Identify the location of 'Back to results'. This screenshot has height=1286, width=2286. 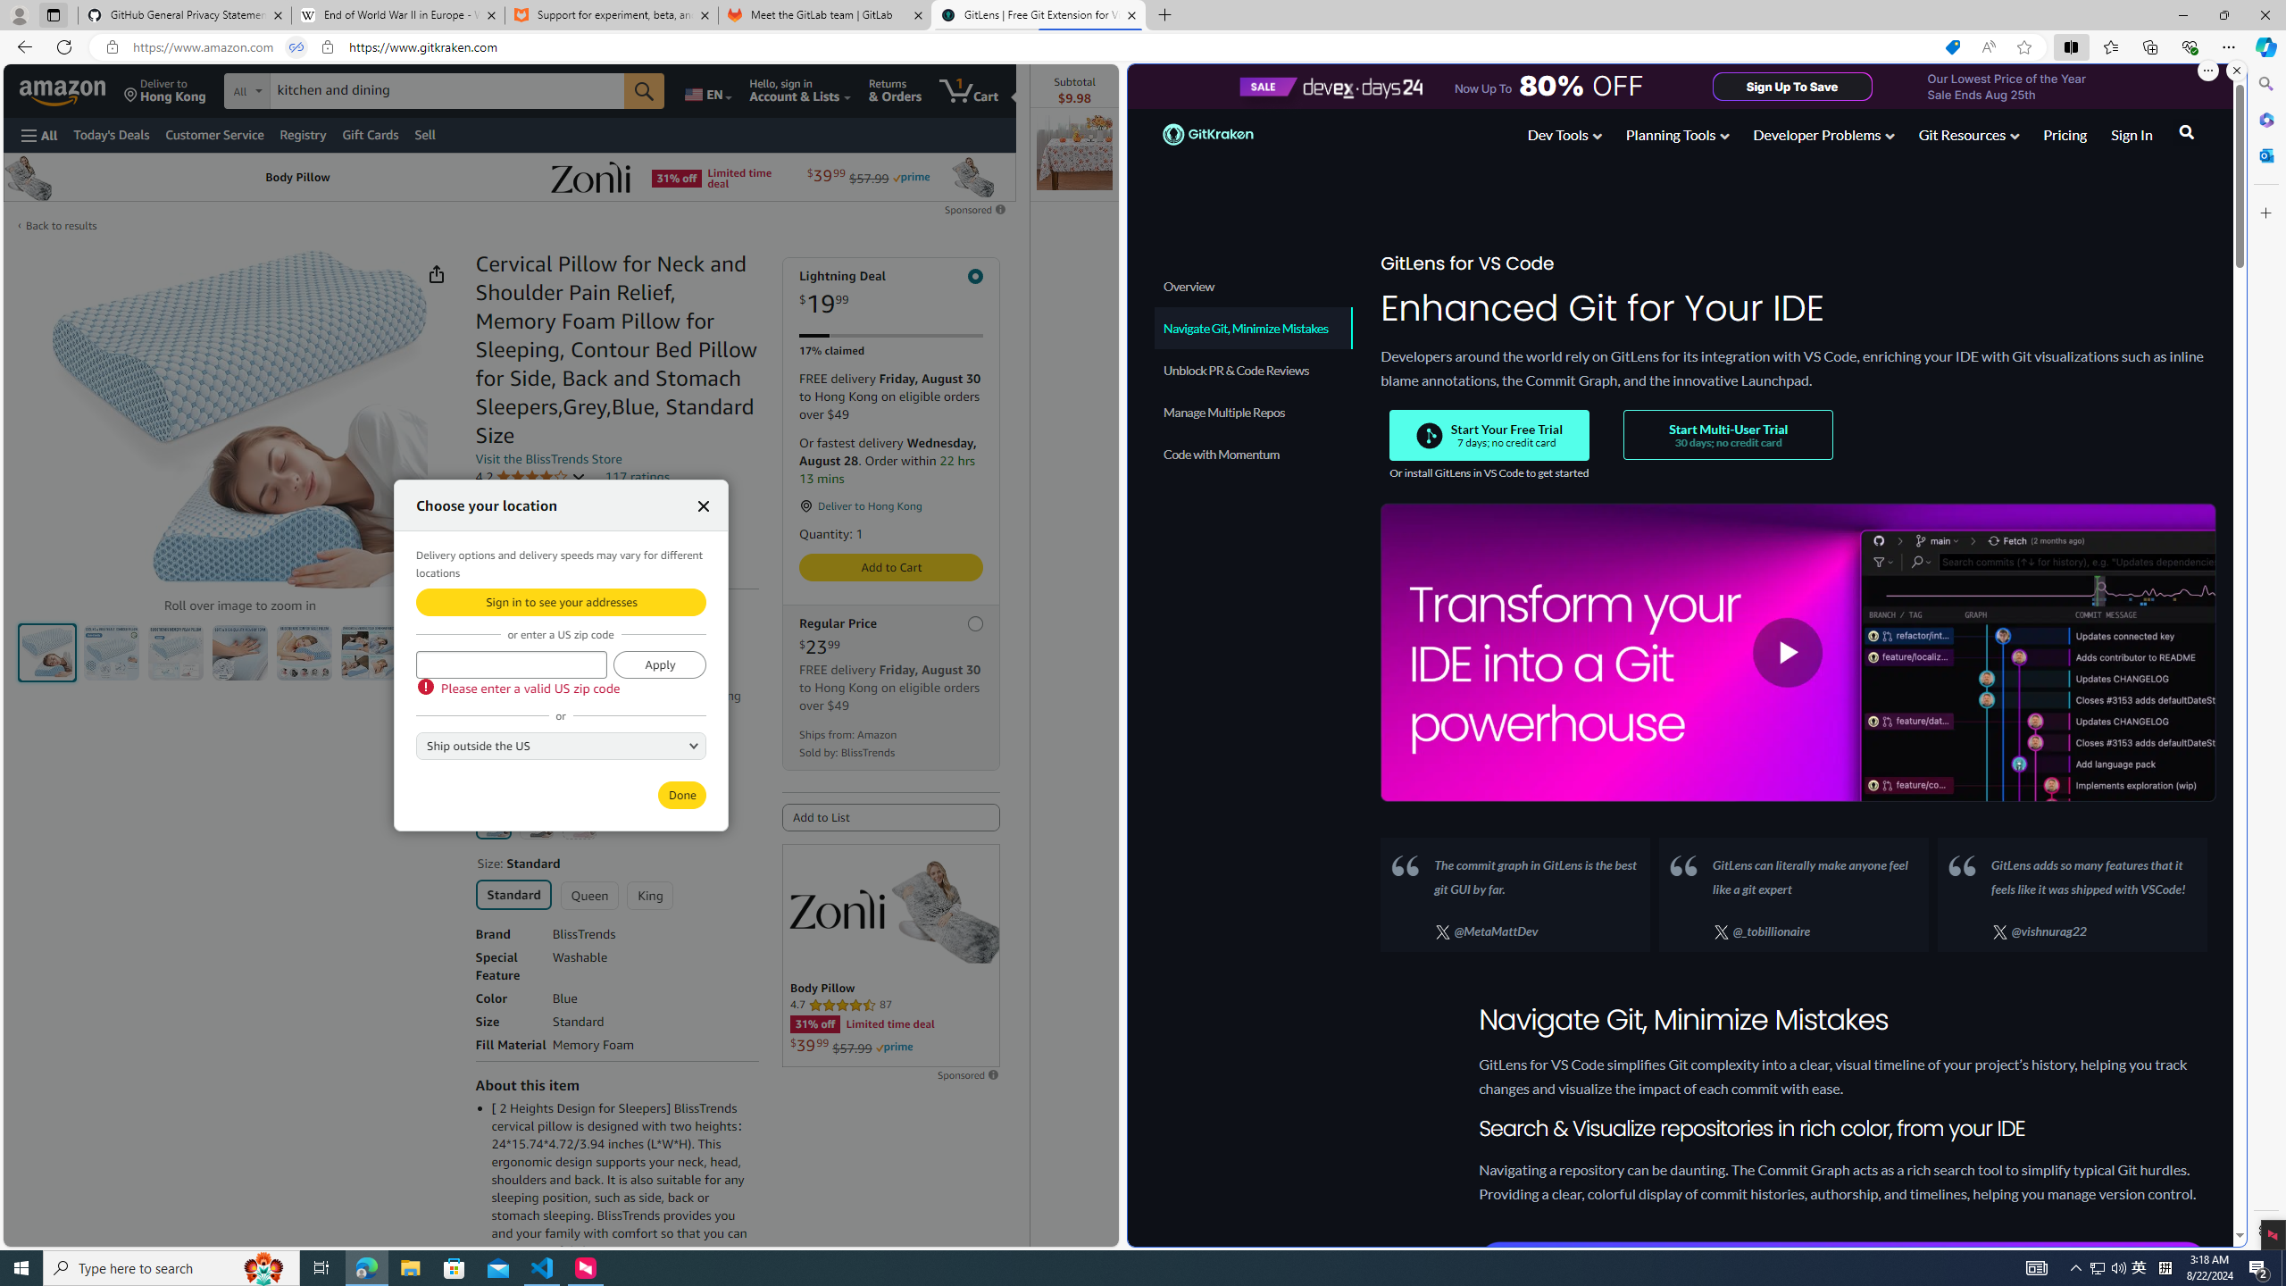
(62, 225).